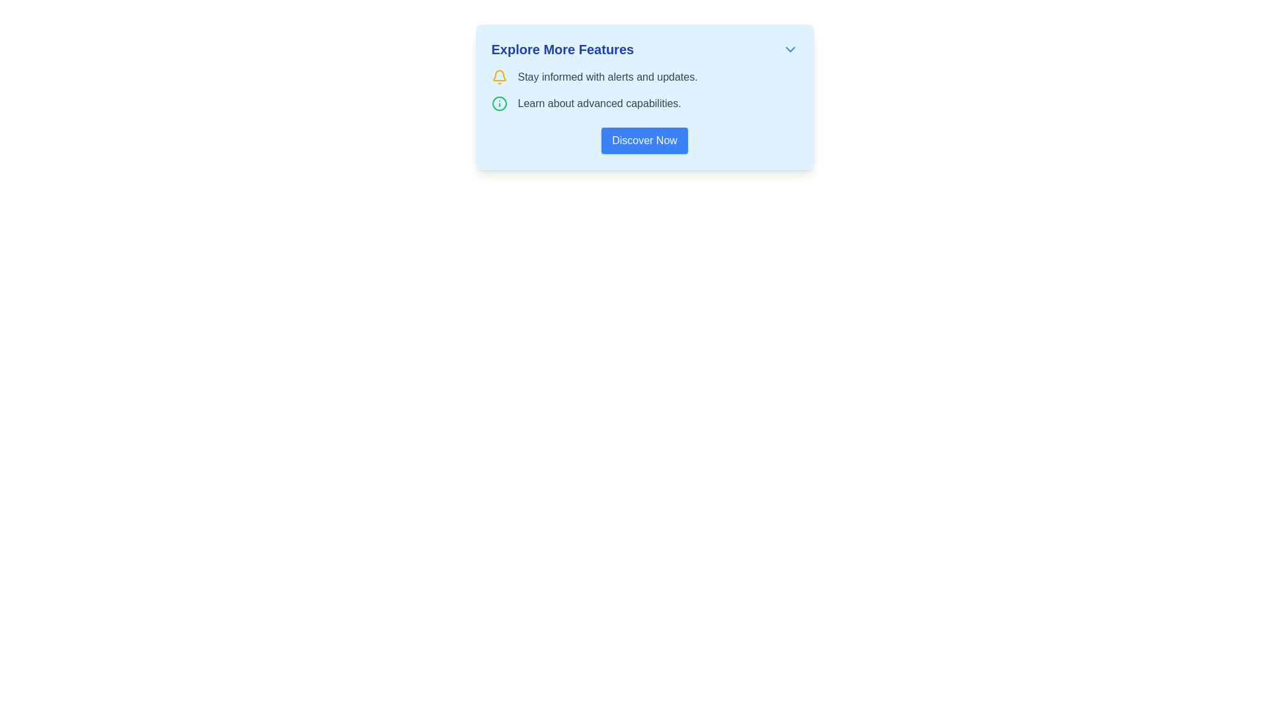 The image size is (1269, 714). What do you see at coordinates (498, 77) in the screenshot?
I see `the bell-shaped notification icon with a yellow outline, positioned to the left of the text 'Stay informed with alerts and updates' on a light blue background` at bounding box center [498, 77].